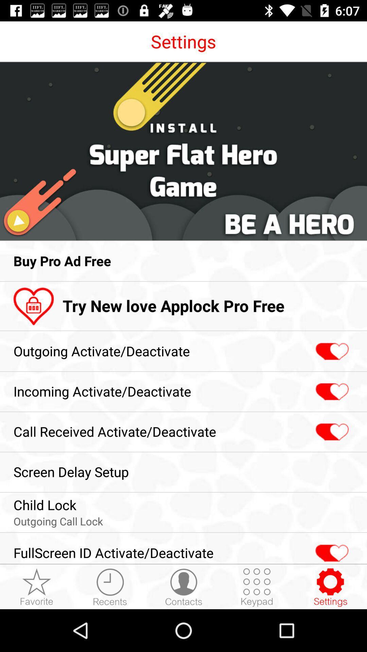 This screenshot has height=652, width=367. What do you see at coordinates (37, 587) in the screenshot?
I see `the star icon` at bounding box center [37, 587].